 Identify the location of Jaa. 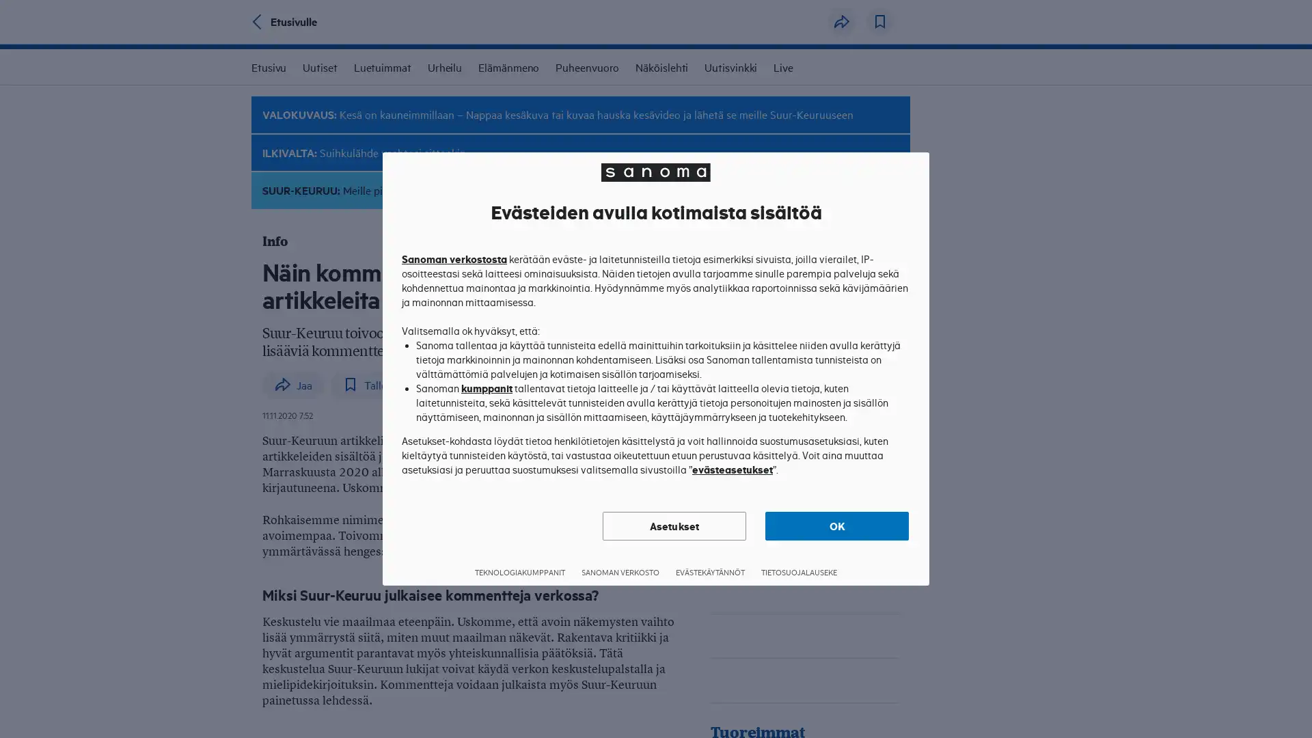
(292, 384).